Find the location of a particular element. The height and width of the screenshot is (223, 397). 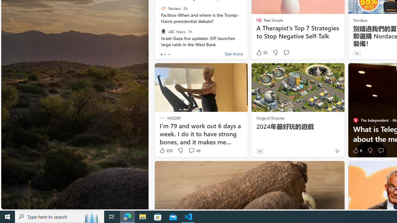

'56 Like' is located at coordinates (261, 52).